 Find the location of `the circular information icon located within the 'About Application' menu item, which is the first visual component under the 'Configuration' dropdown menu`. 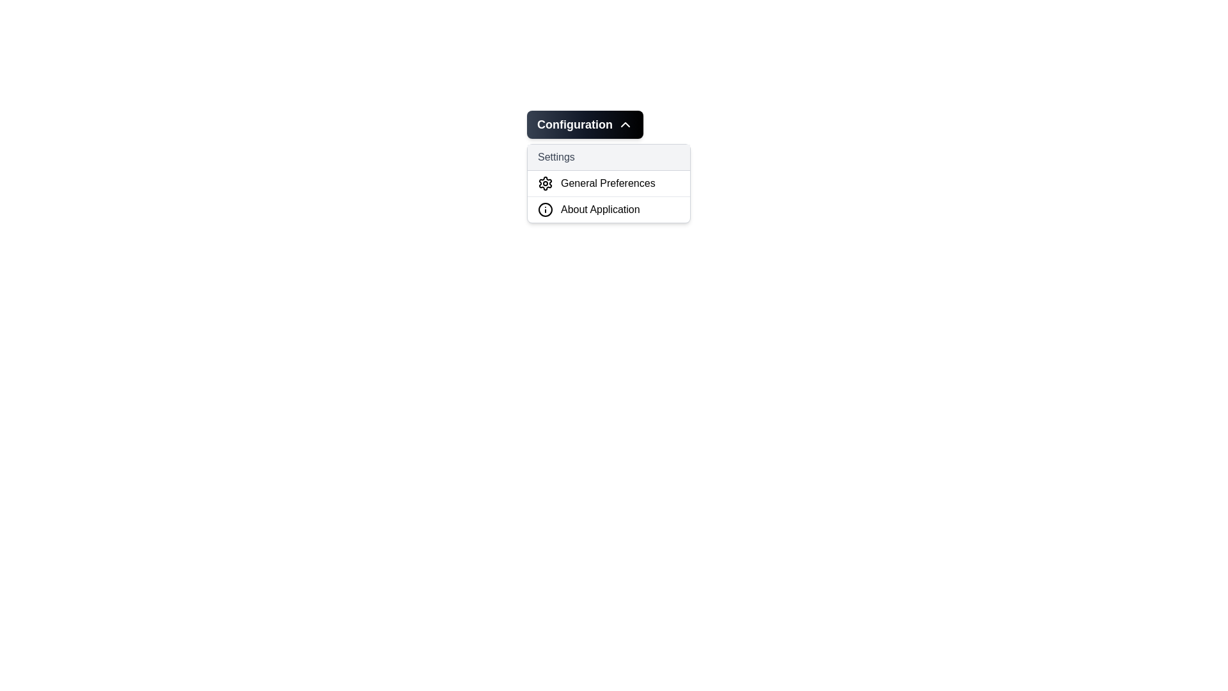

the circular information icon located within the 'About Application' menu item, which is the first visual component under the 'Configuration' dropdown menu is located at coordinates (546, 209).